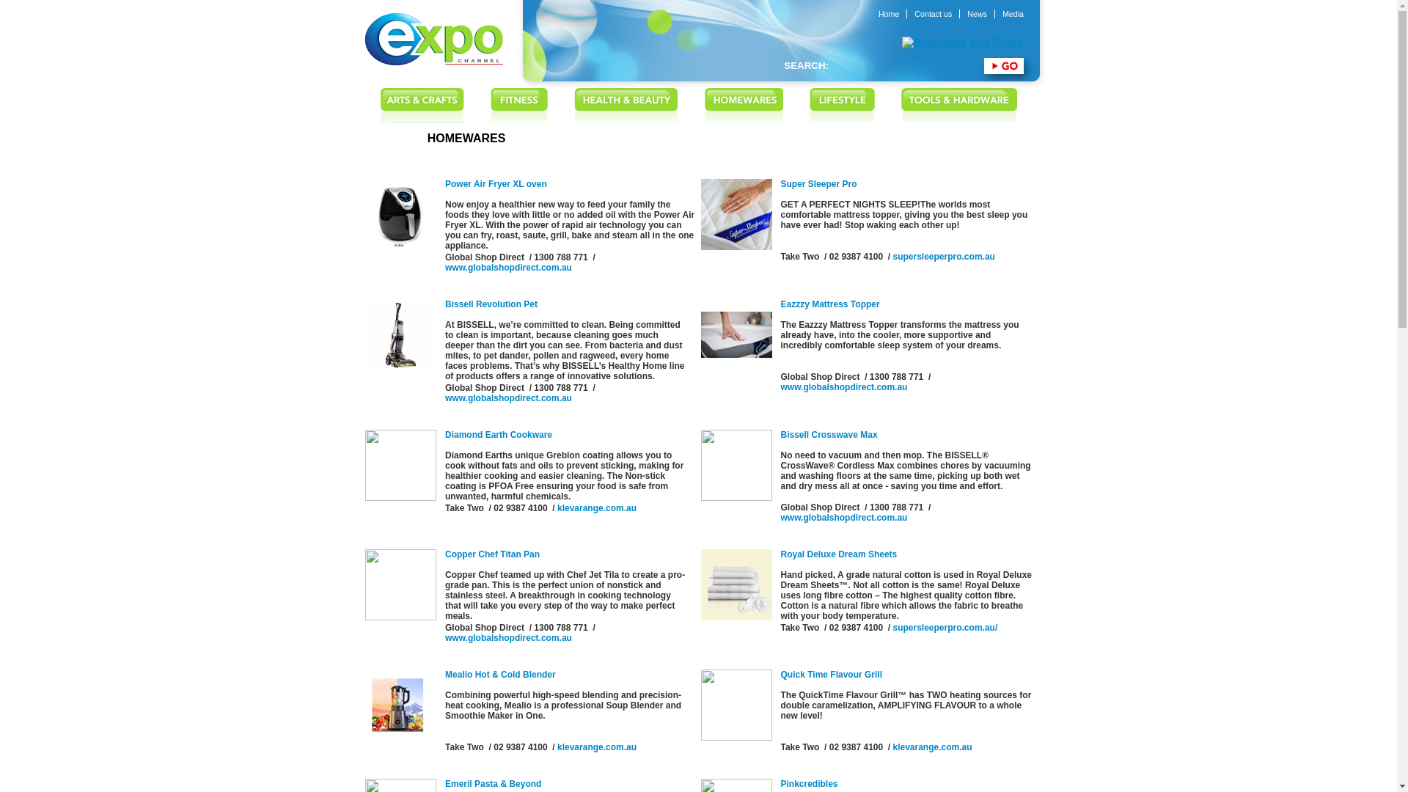  What do you see at coordinates (499, 434) in the screenshot?
I see `'Diamond Earth Cookware'` at bounding box center [499, 434].